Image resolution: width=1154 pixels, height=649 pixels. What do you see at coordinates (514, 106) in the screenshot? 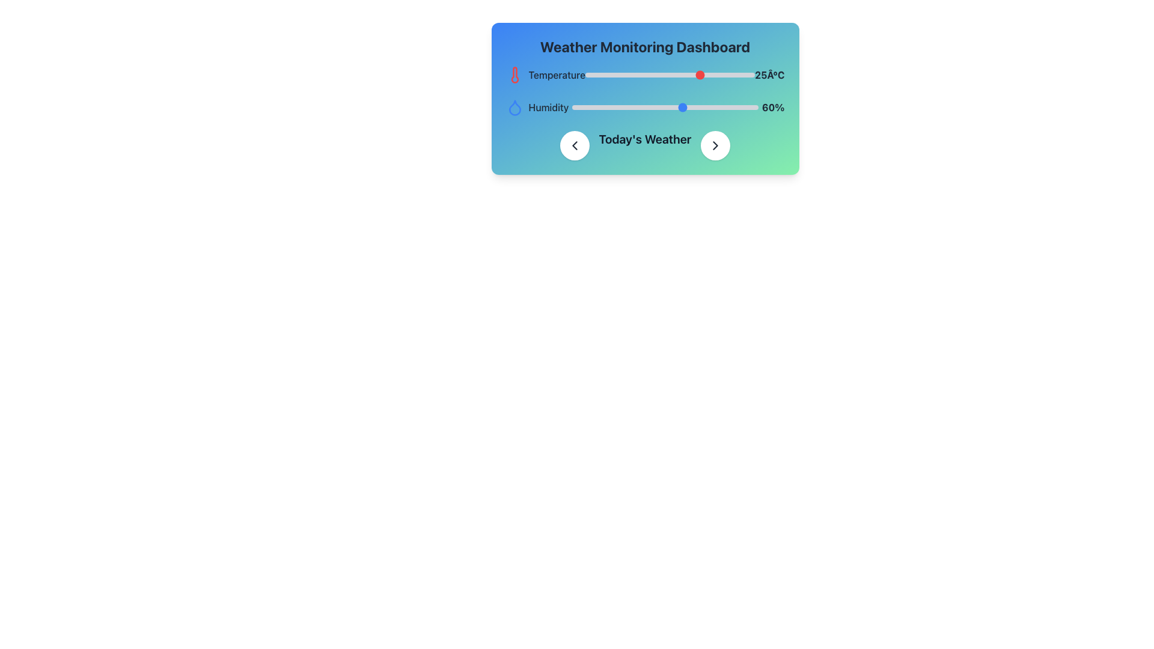
I see `the humidity droplet icon located to the left of the 'Humidity' text within the weather monitoring dashboard` at bounding box center [514, 106].